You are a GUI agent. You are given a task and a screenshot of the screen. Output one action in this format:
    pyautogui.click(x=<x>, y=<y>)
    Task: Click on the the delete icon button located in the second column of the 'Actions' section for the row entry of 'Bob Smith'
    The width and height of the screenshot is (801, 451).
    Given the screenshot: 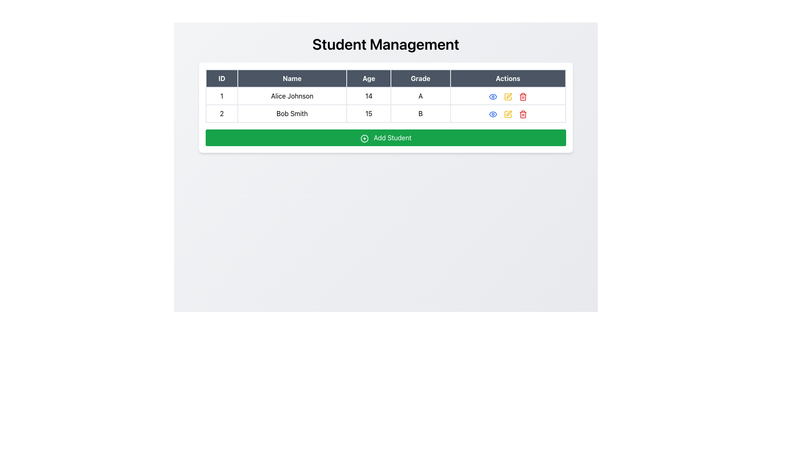 What is the action you would take?
    pyautogui.click(x=522, y=96)
    